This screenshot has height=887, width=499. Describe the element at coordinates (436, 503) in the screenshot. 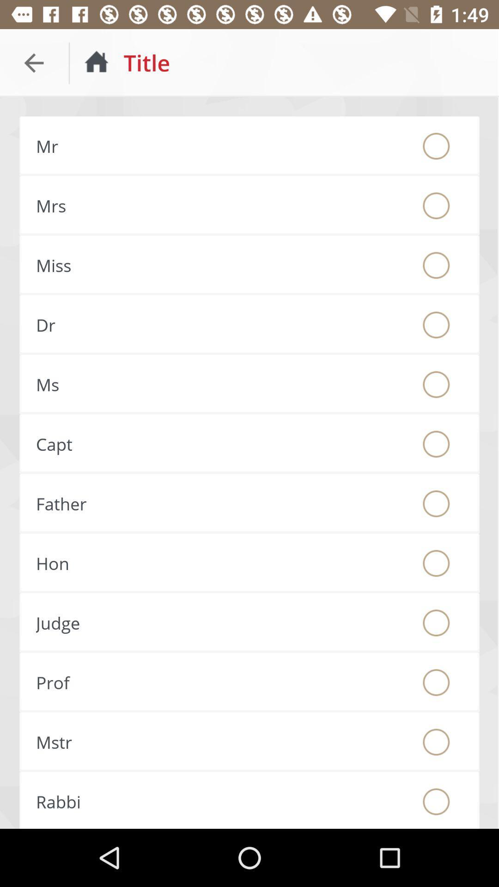

I see `the option` at that location.